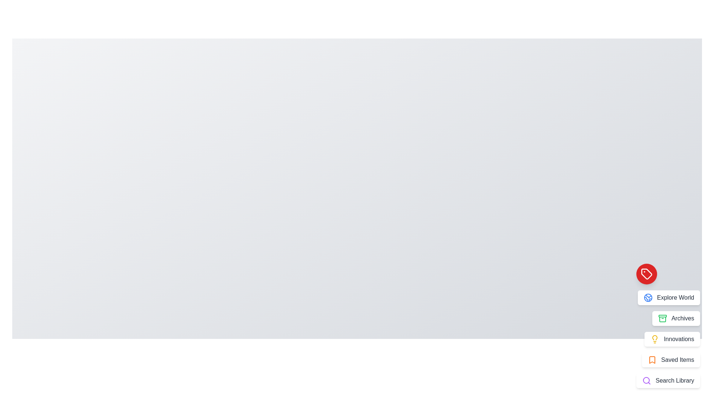  I want to click on the red floating button to toggle the menu visibility, so click(646, 274).